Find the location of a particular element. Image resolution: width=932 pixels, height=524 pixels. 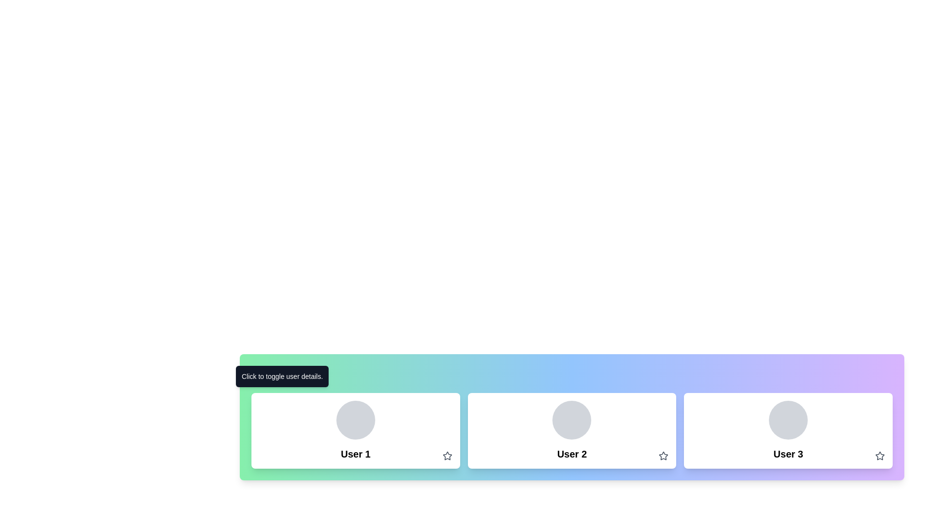

the star-shaped icon in the bottom-right corner of the 'User 1' card is located at coordinates (447, 456).